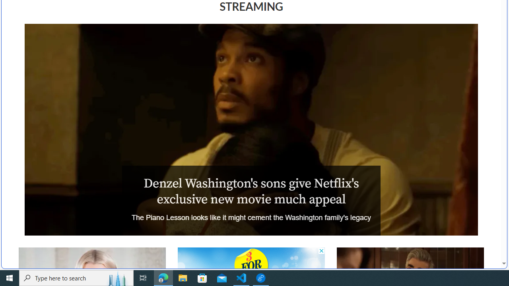 This screenshot has width=509, height=286. What do you see at coordinates (251, 129) in the screenshot?
I see `'The Piano Lesson'` at bounding box center [251, 129].